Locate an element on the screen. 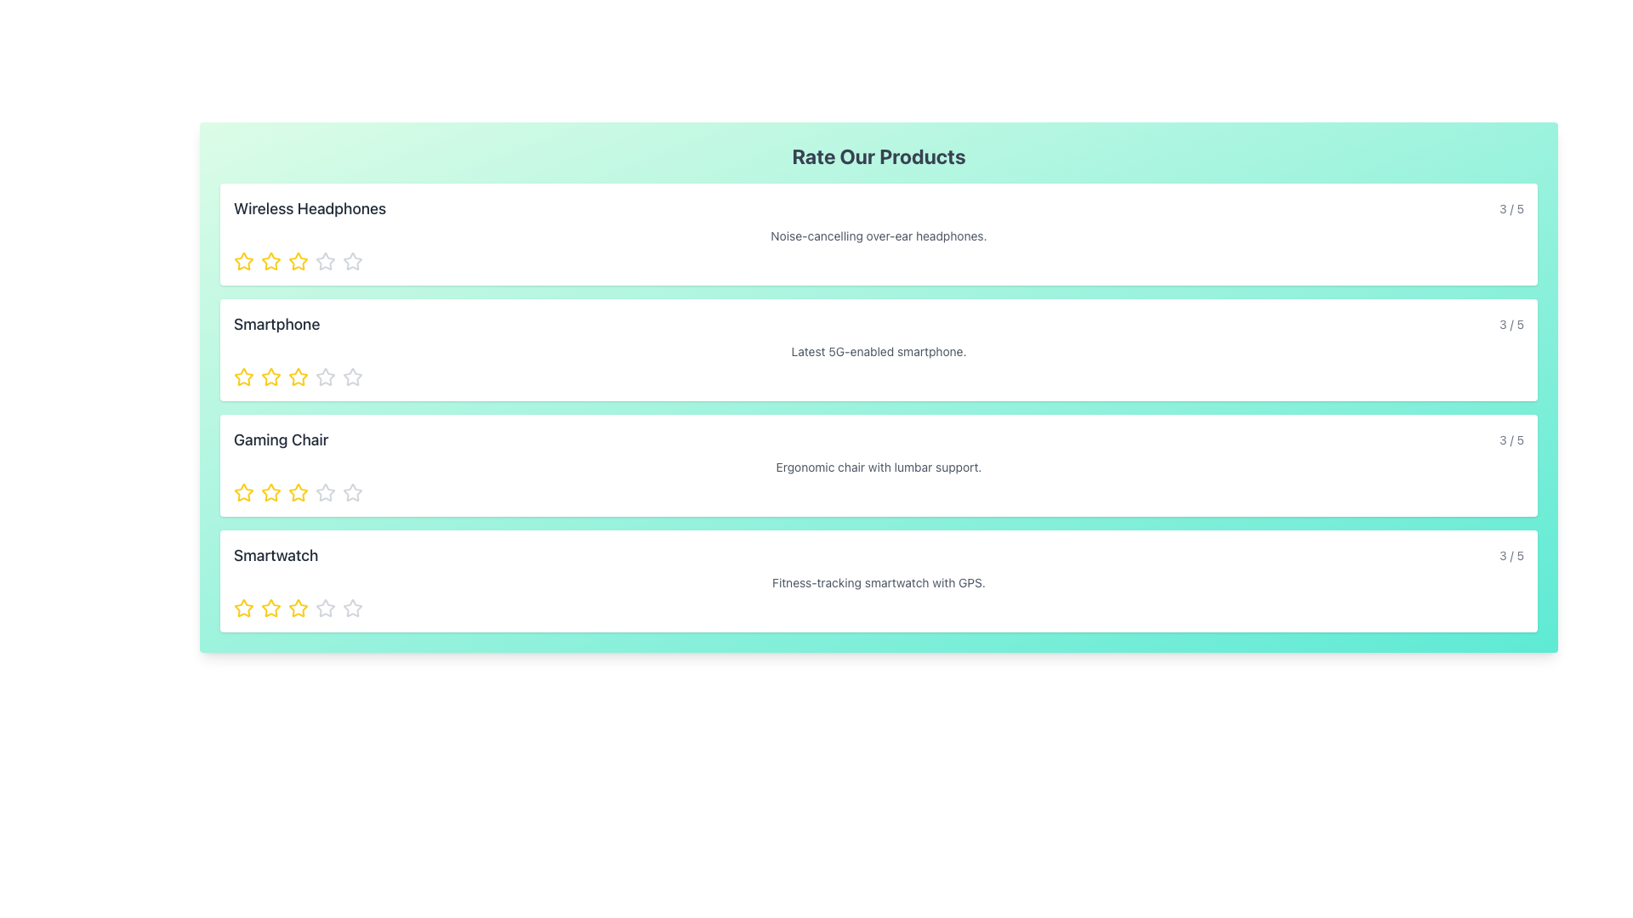 The width and height of the screenshot is (1633, 918). the fifth star icon in the star rating for the 'Wireless Headphones' is located at coordinates (351, 262).